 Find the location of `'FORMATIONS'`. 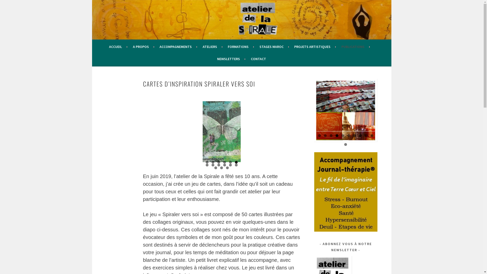

'FORMATIONS' is located at coordinates (241, 47).